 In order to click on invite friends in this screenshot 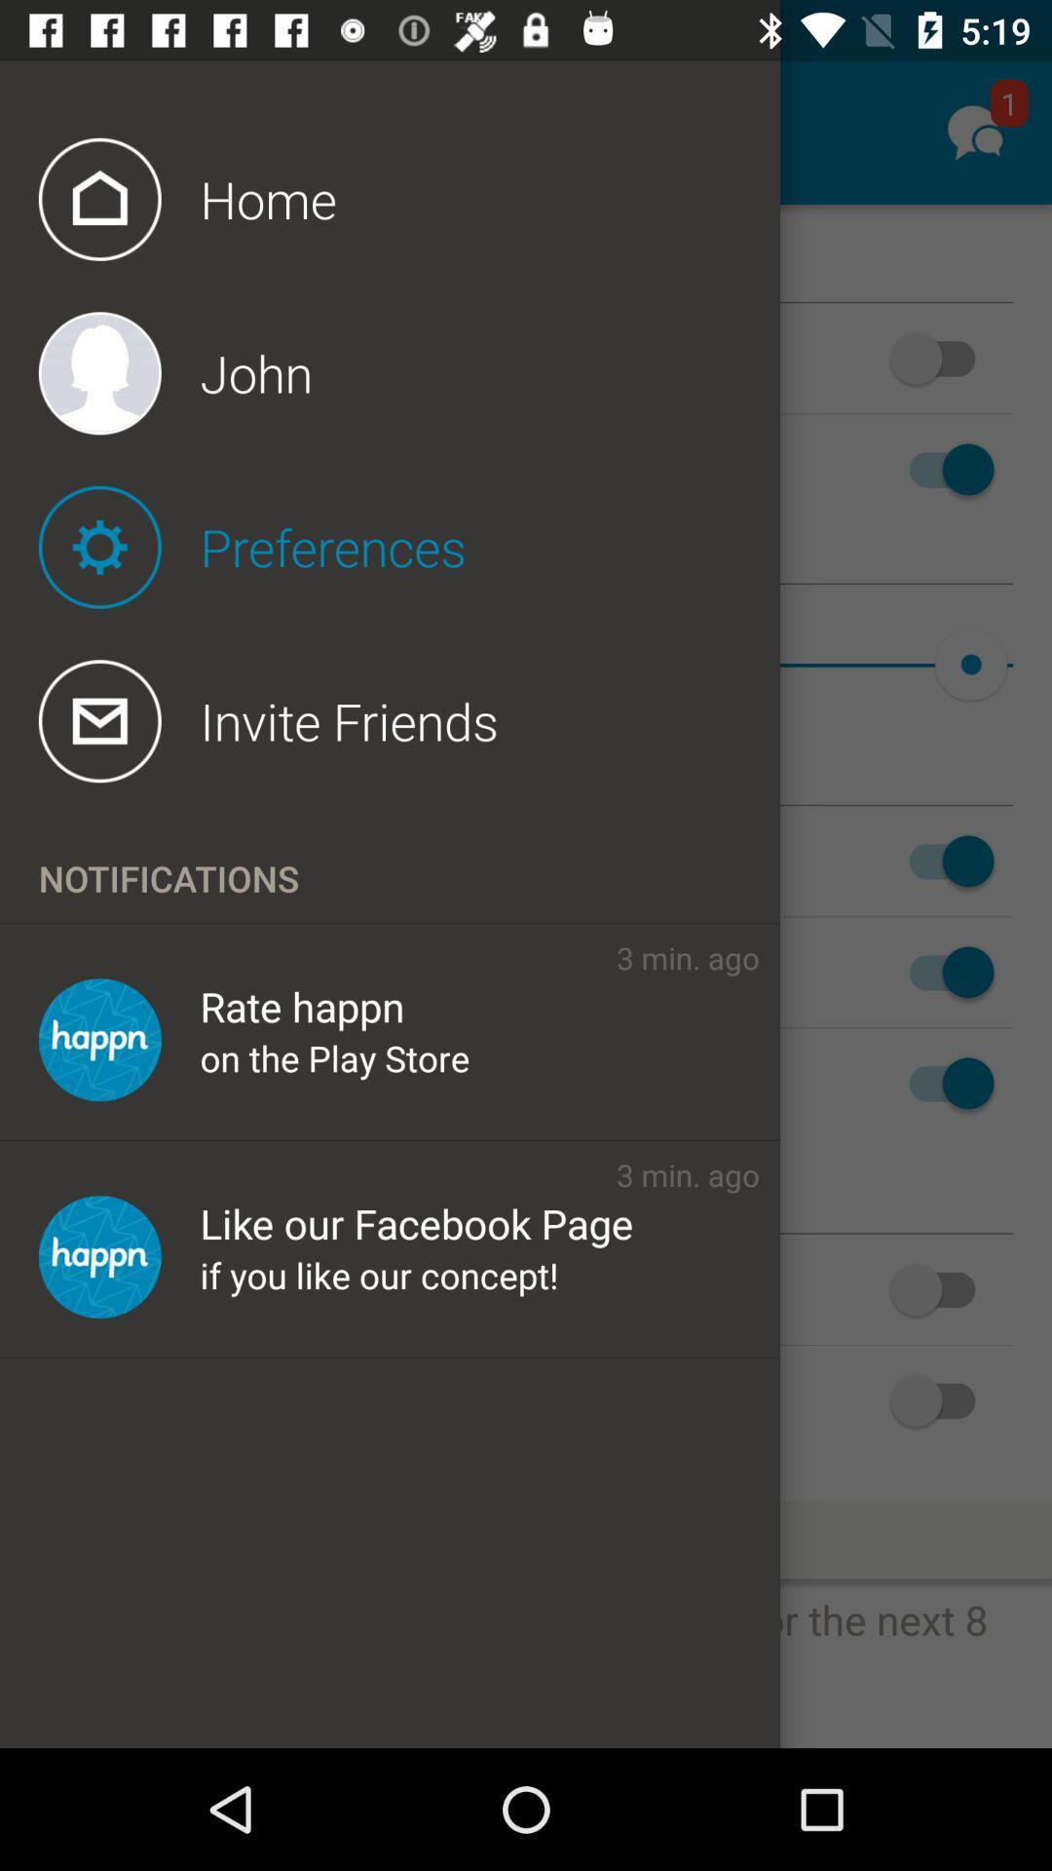, I will do `click(408, 720)`.